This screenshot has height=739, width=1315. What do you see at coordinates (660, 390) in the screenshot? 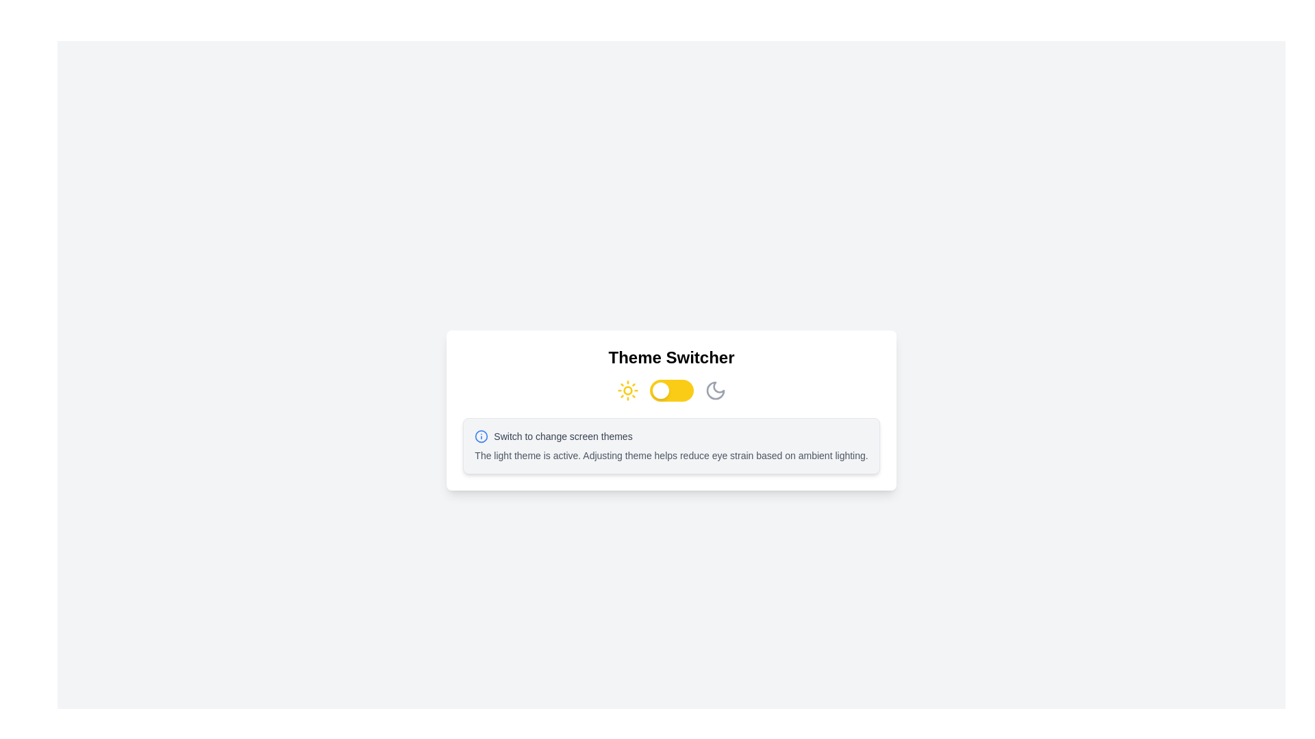
I see `the circular, white-colored toggle button from the left side of the yellow background switch` at bounding box center [660, 390].